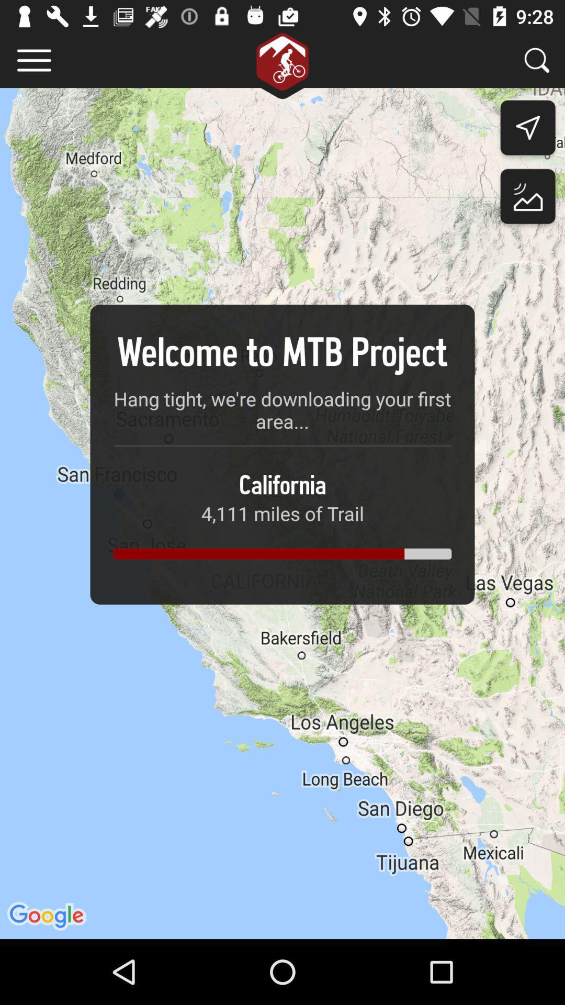  I want to click on search for trails, so click(537, 60).